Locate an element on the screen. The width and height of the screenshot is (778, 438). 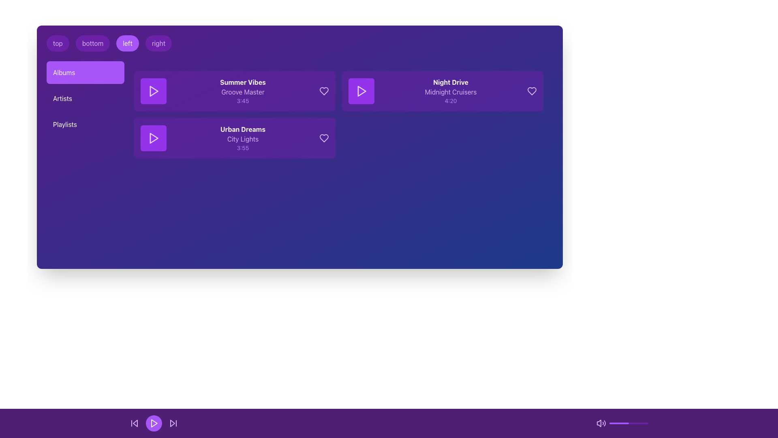
the play button located to the left of the 'Summer Vibes' playlist item to play the associated playlist is located at coordinates (154, 91).